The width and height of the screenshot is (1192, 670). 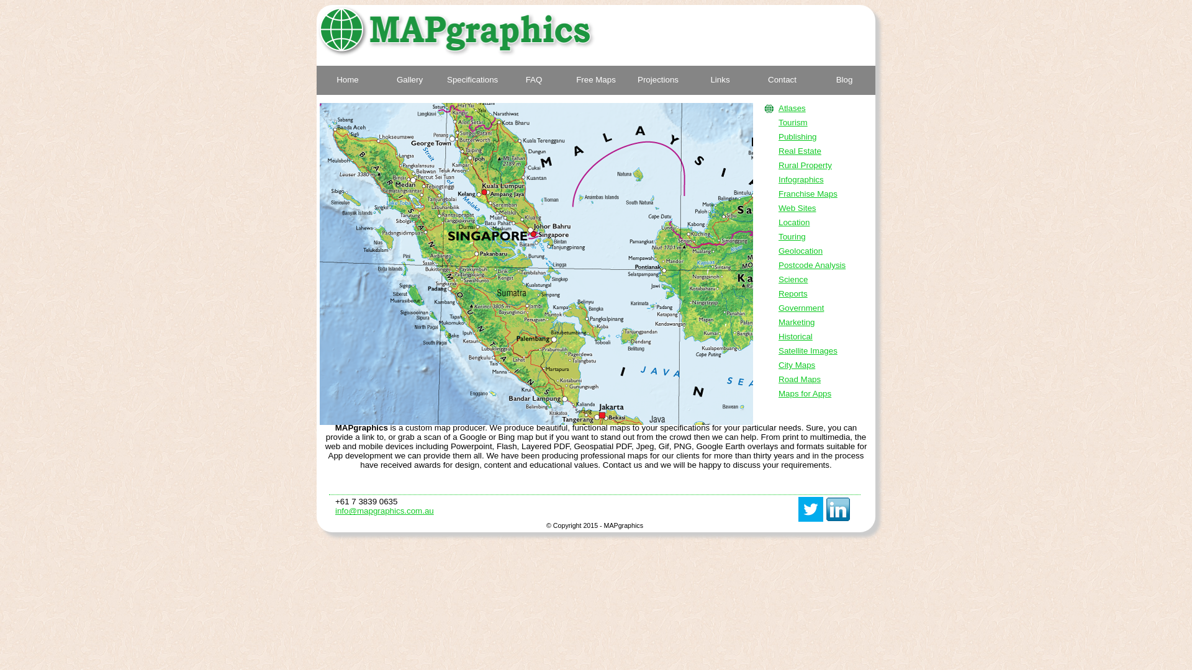 What do you see at coordinates (799, 378) in the screenshot?
I see `'Road Maps'` at bounding box center [799, 378].